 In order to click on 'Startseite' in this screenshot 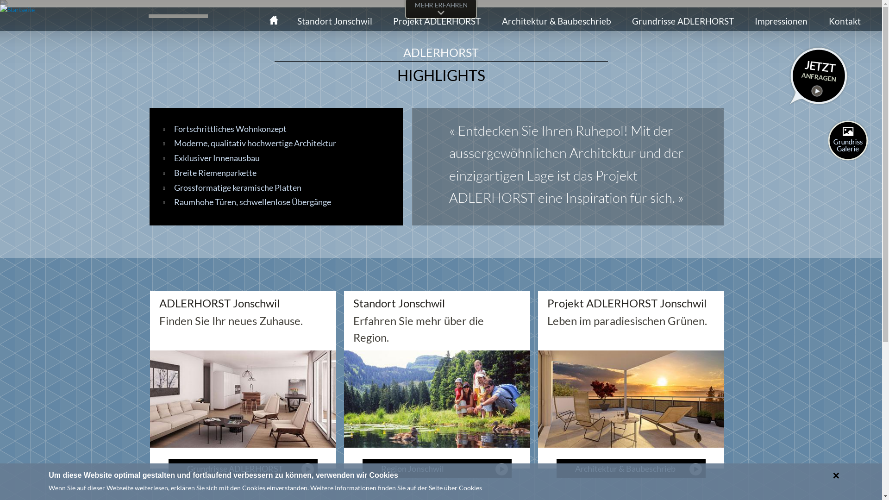, I will do `click(17, 9)`.